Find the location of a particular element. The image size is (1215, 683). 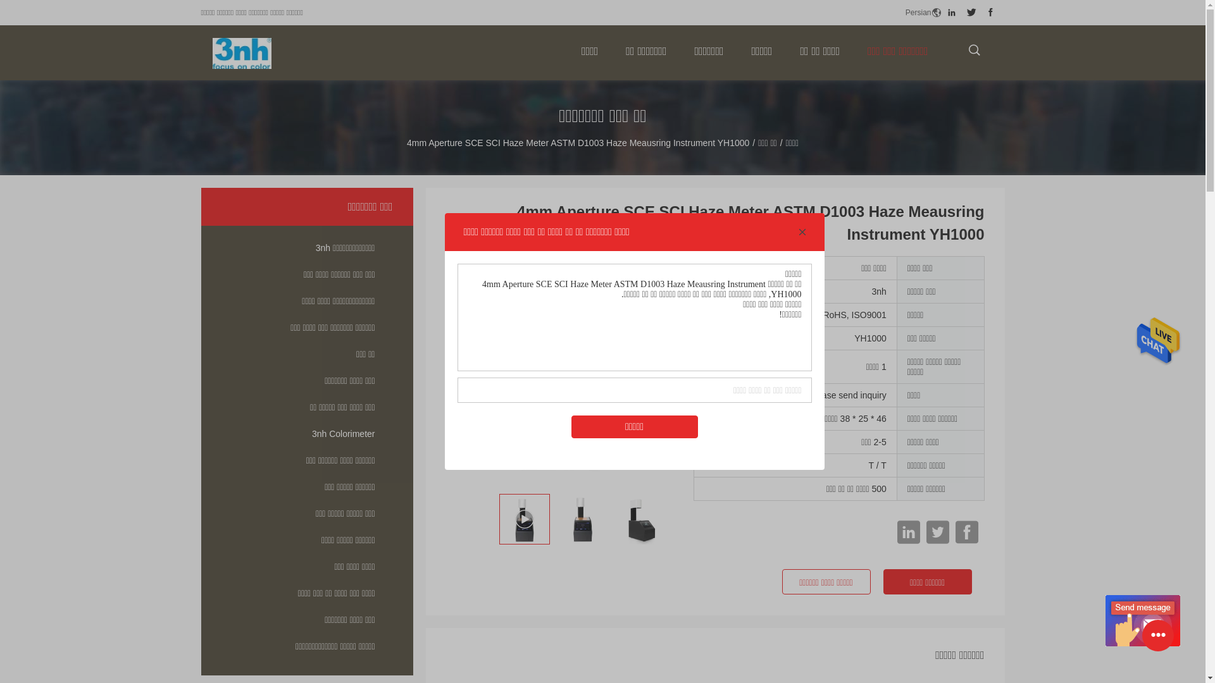

'Shenzhen ThreeNH Technology Co., Ltd. Twitter' is located at coordinates (971, 12).